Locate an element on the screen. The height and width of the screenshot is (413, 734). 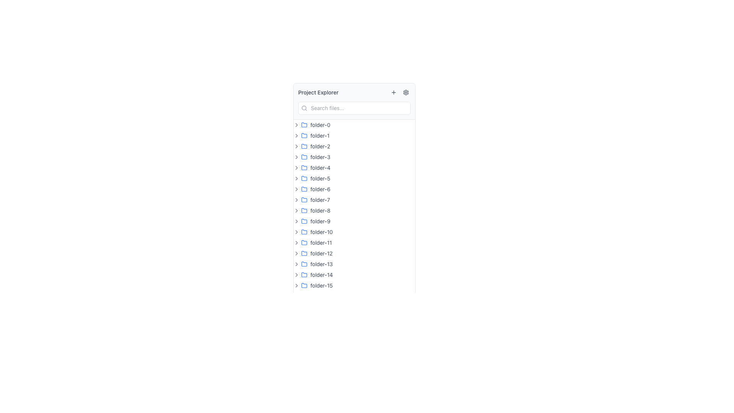
the folder icon labeled 'folder-6' in the Project Explorer is located at coordinates (304, 189).